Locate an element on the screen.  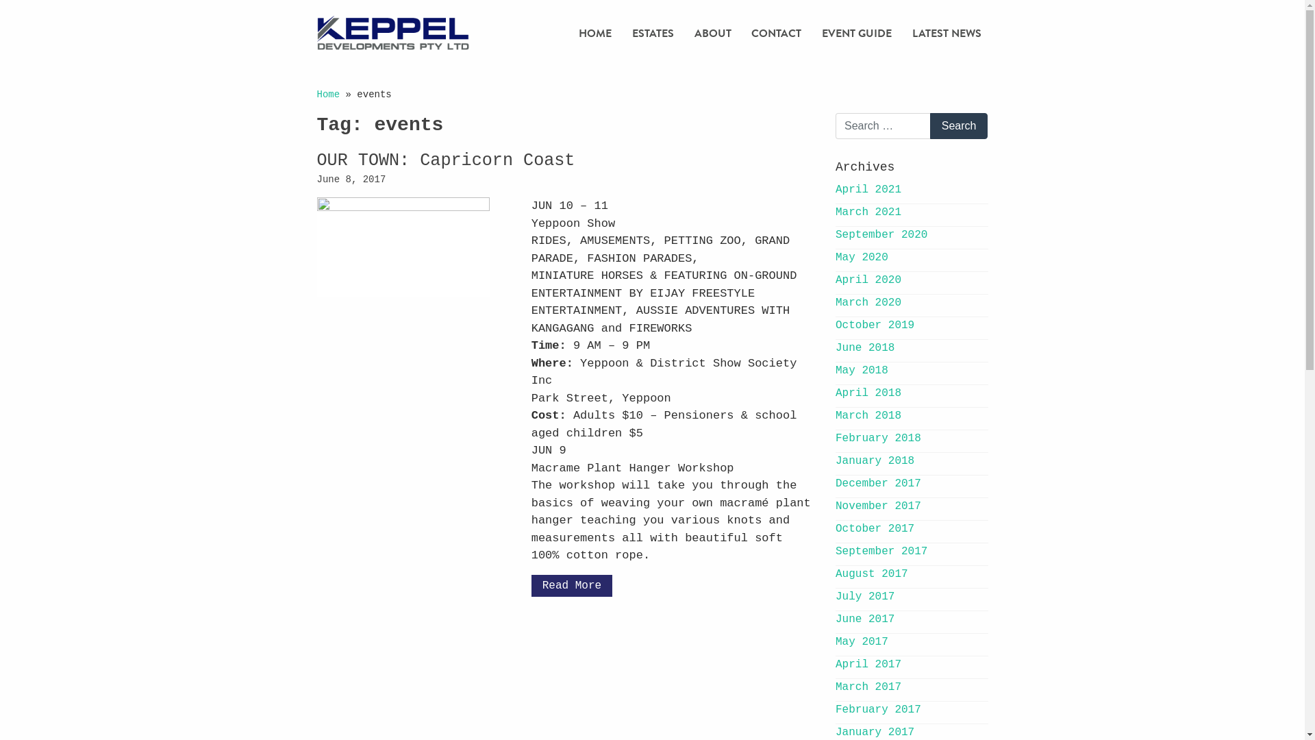
'Search' is located at coordinates (958, 126).